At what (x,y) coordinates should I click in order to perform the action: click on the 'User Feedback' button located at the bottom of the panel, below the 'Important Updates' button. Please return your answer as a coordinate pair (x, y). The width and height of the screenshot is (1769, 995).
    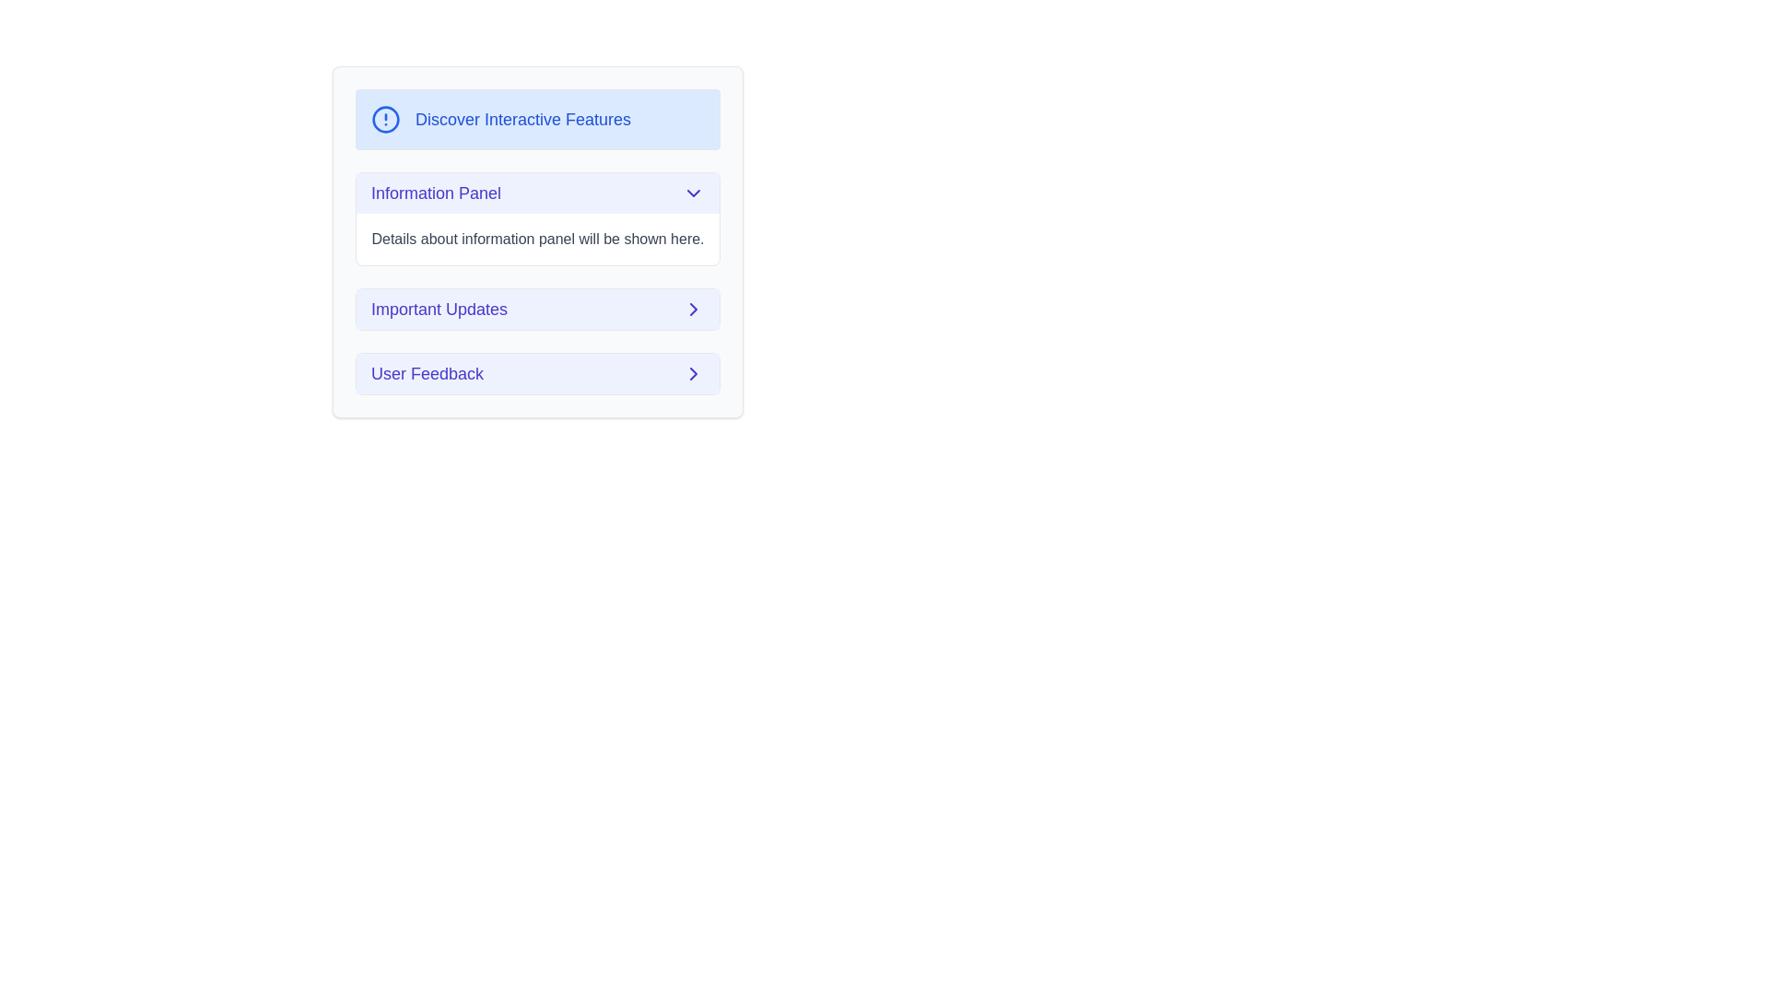
    Looking at the image, I should click on (537, 373).